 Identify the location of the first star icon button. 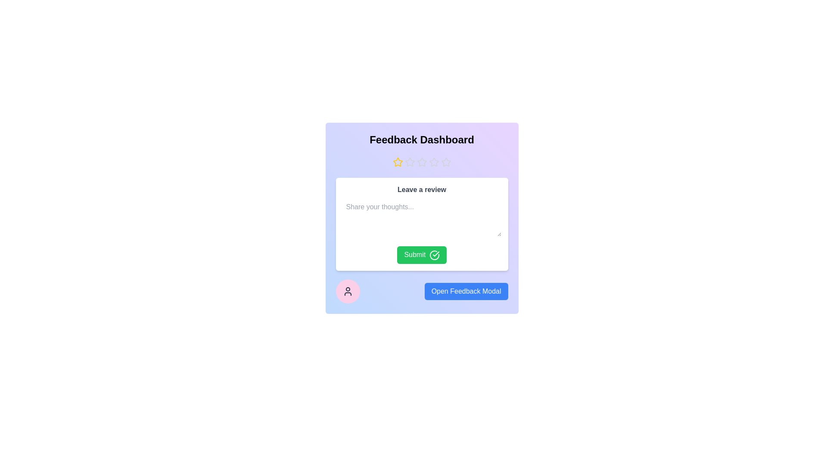
(397, 162).